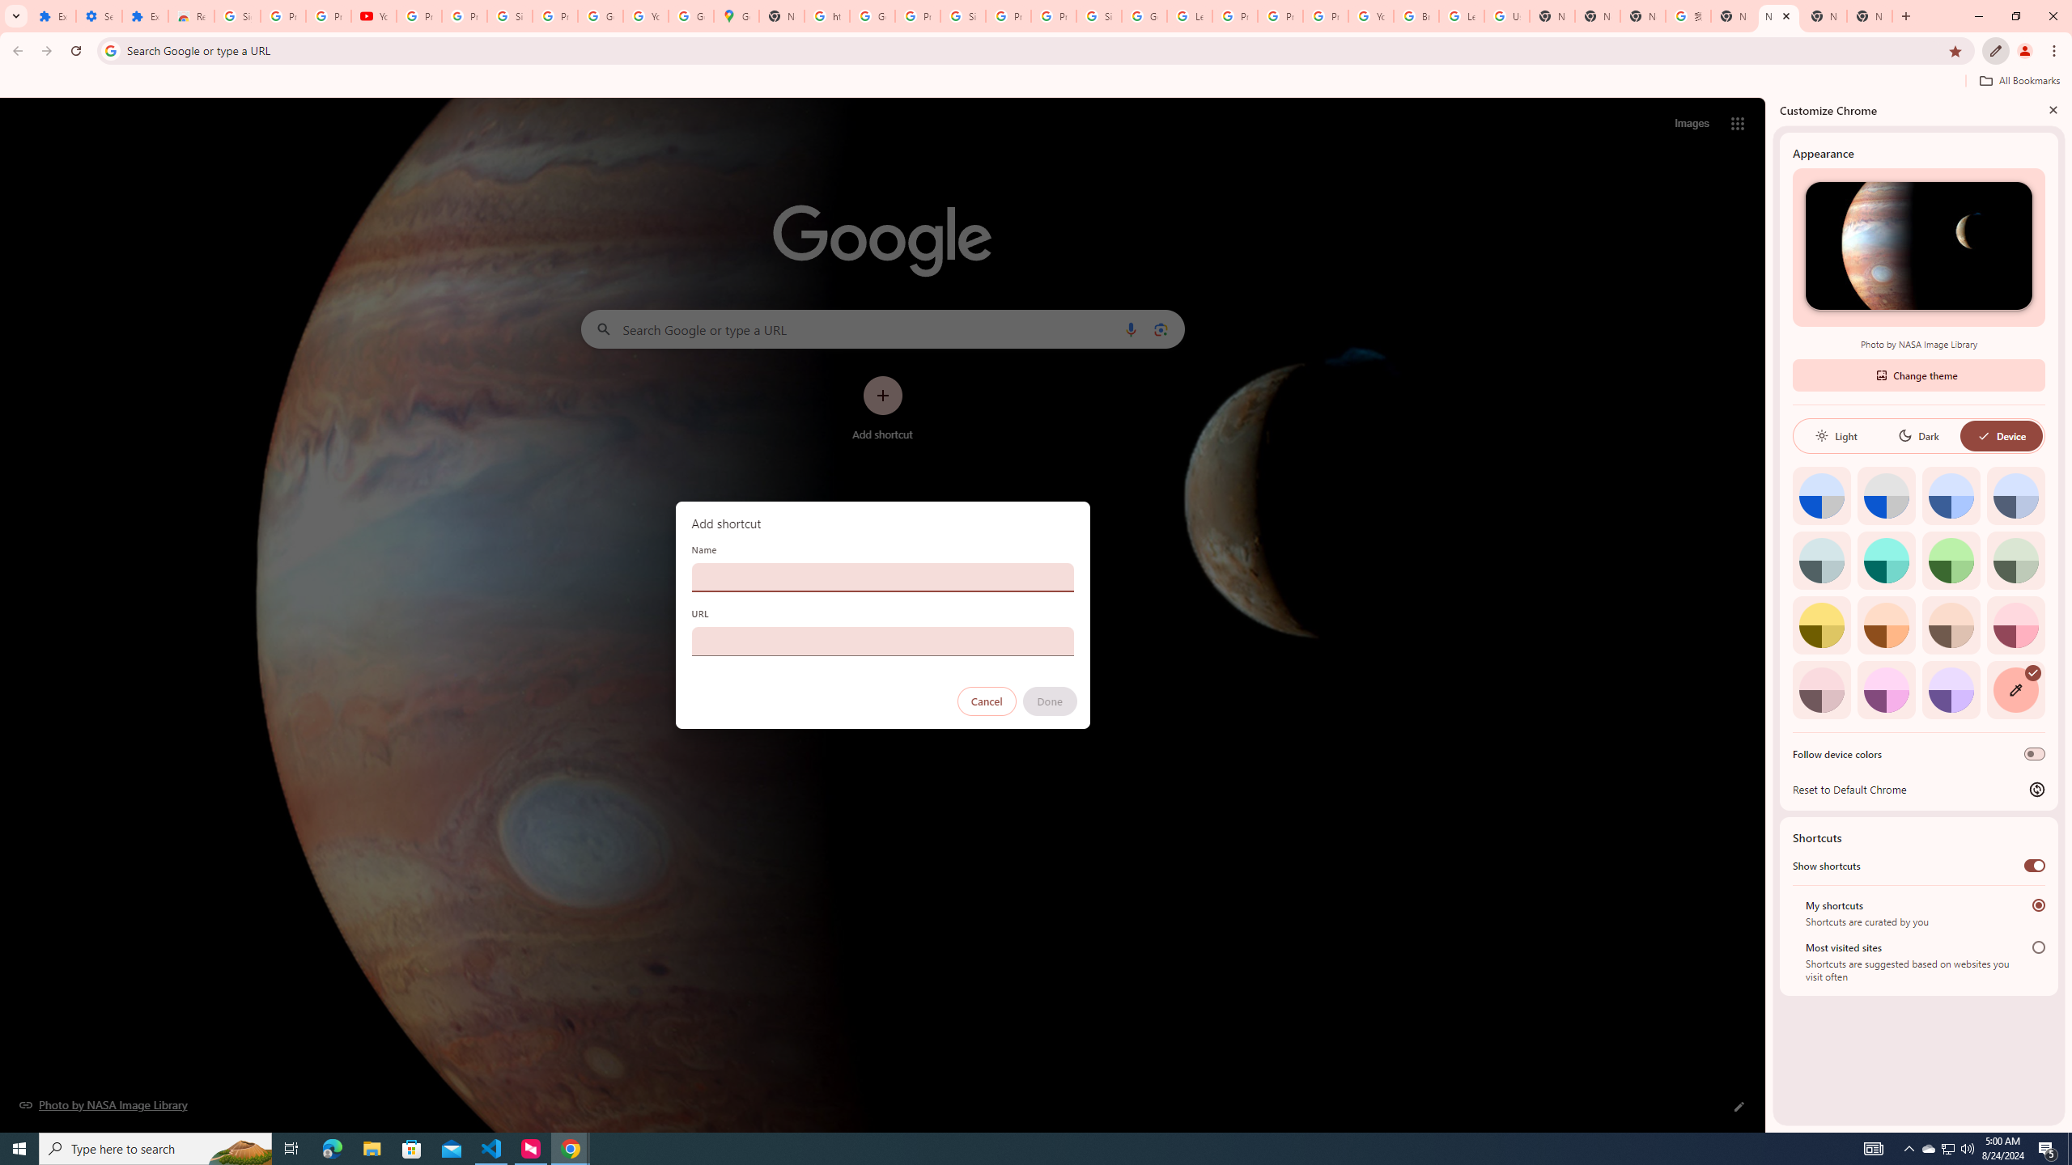  I want to click on 'Aqua', so click(1885, 560).